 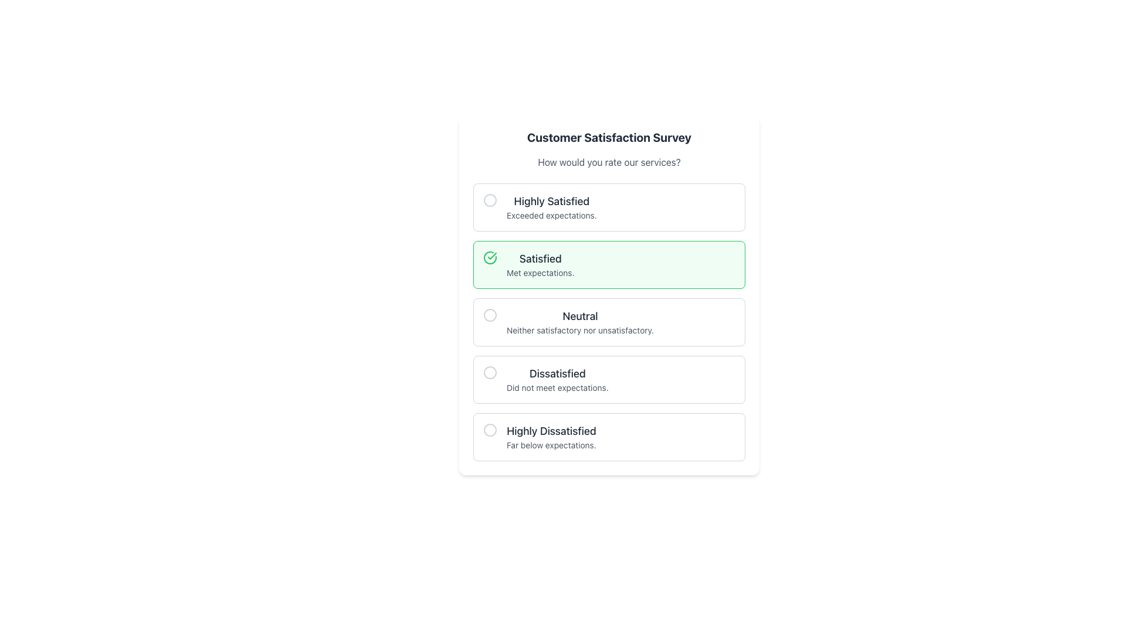 What do you see at coordinates (490, 373) in the screenshot?
I see `the decorative SVG Circle indicating the 'Dissatisfied' checkbox state in the survey form` at bounding box center [490, 373].